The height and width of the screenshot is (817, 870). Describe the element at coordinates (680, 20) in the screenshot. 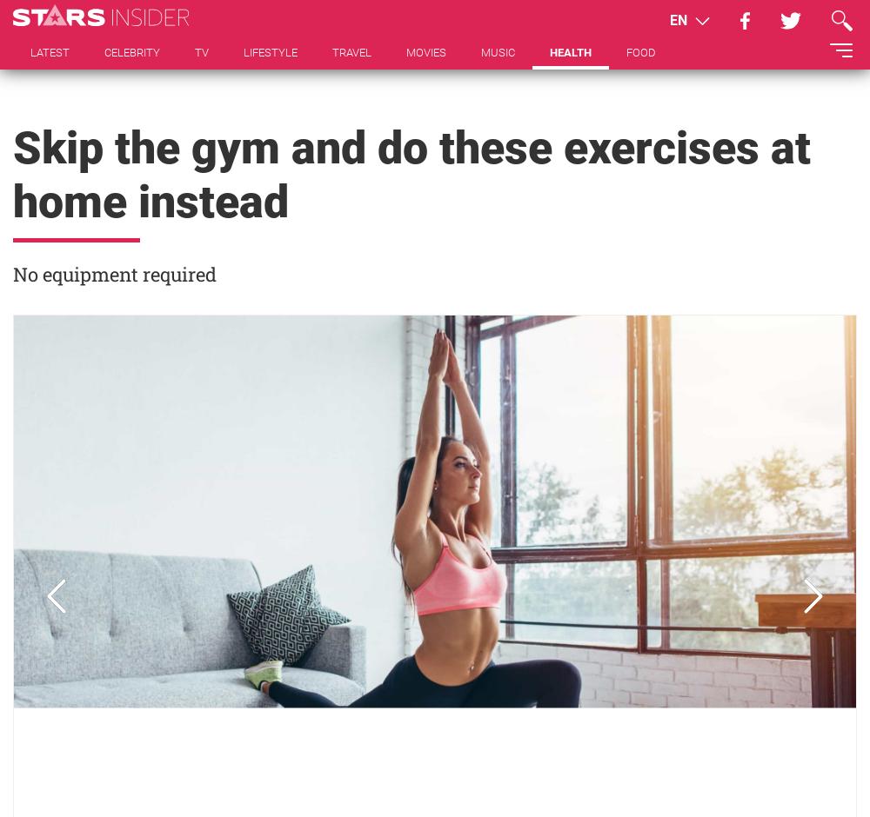

I see `'EN'` at that location.